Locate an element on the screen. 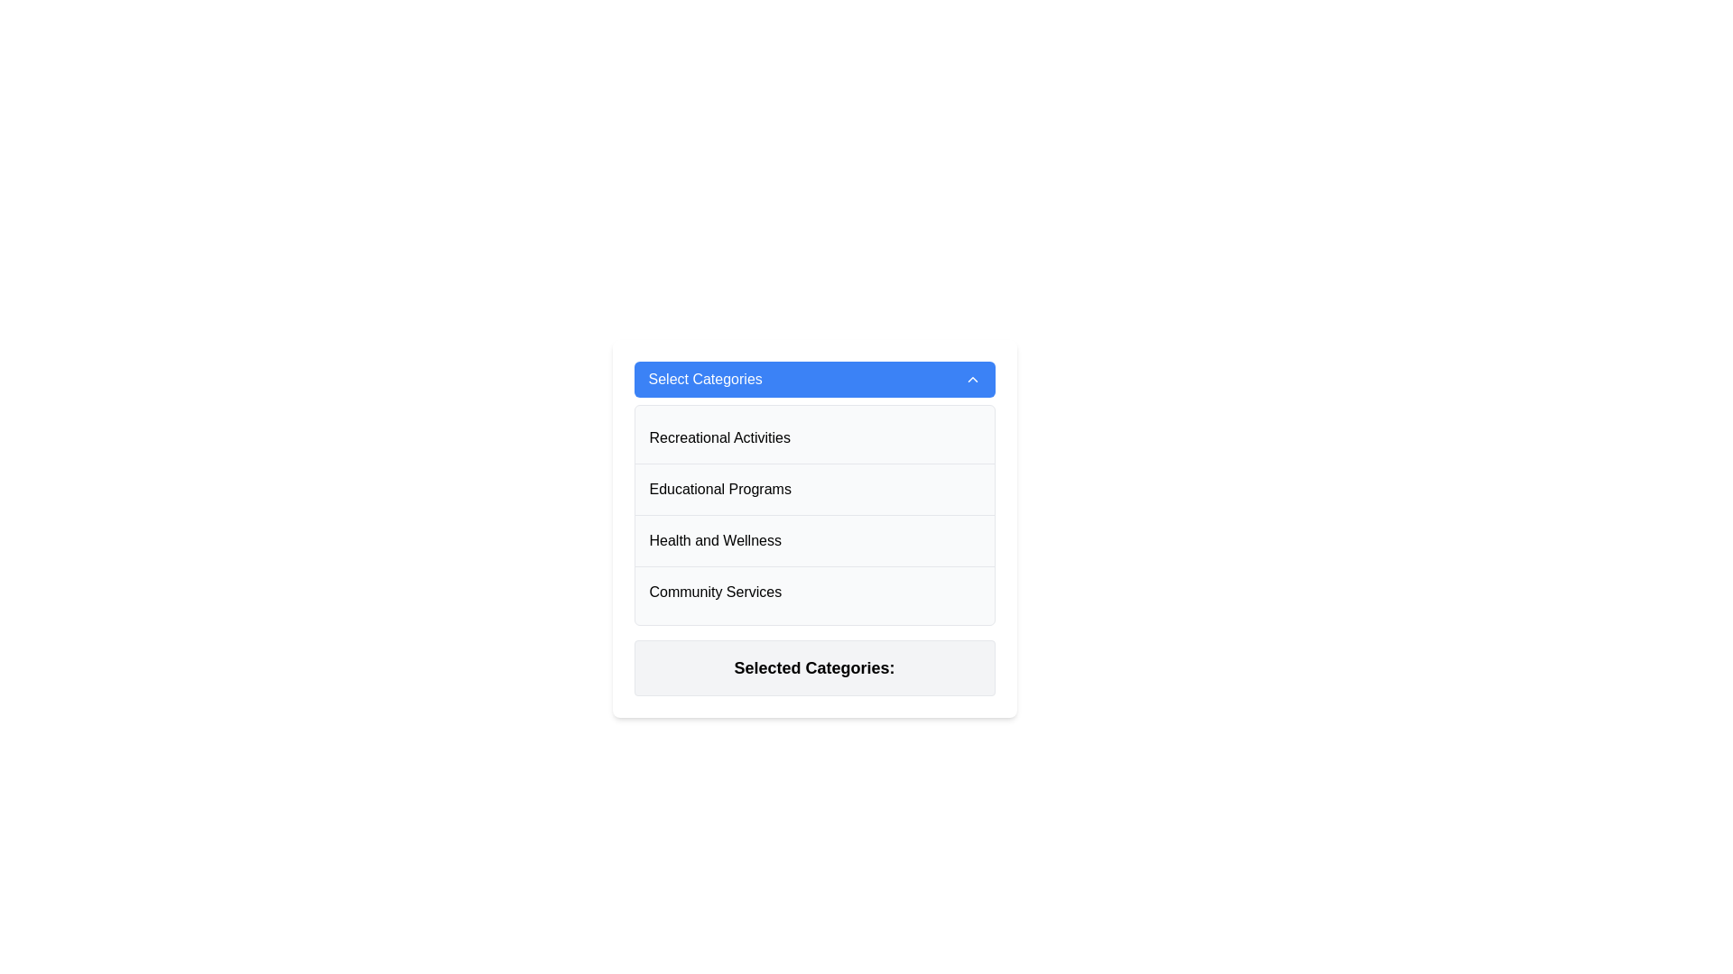 The image size is (1733, 974). the 'Select Categories' text label is located at coordinates (704, 378).